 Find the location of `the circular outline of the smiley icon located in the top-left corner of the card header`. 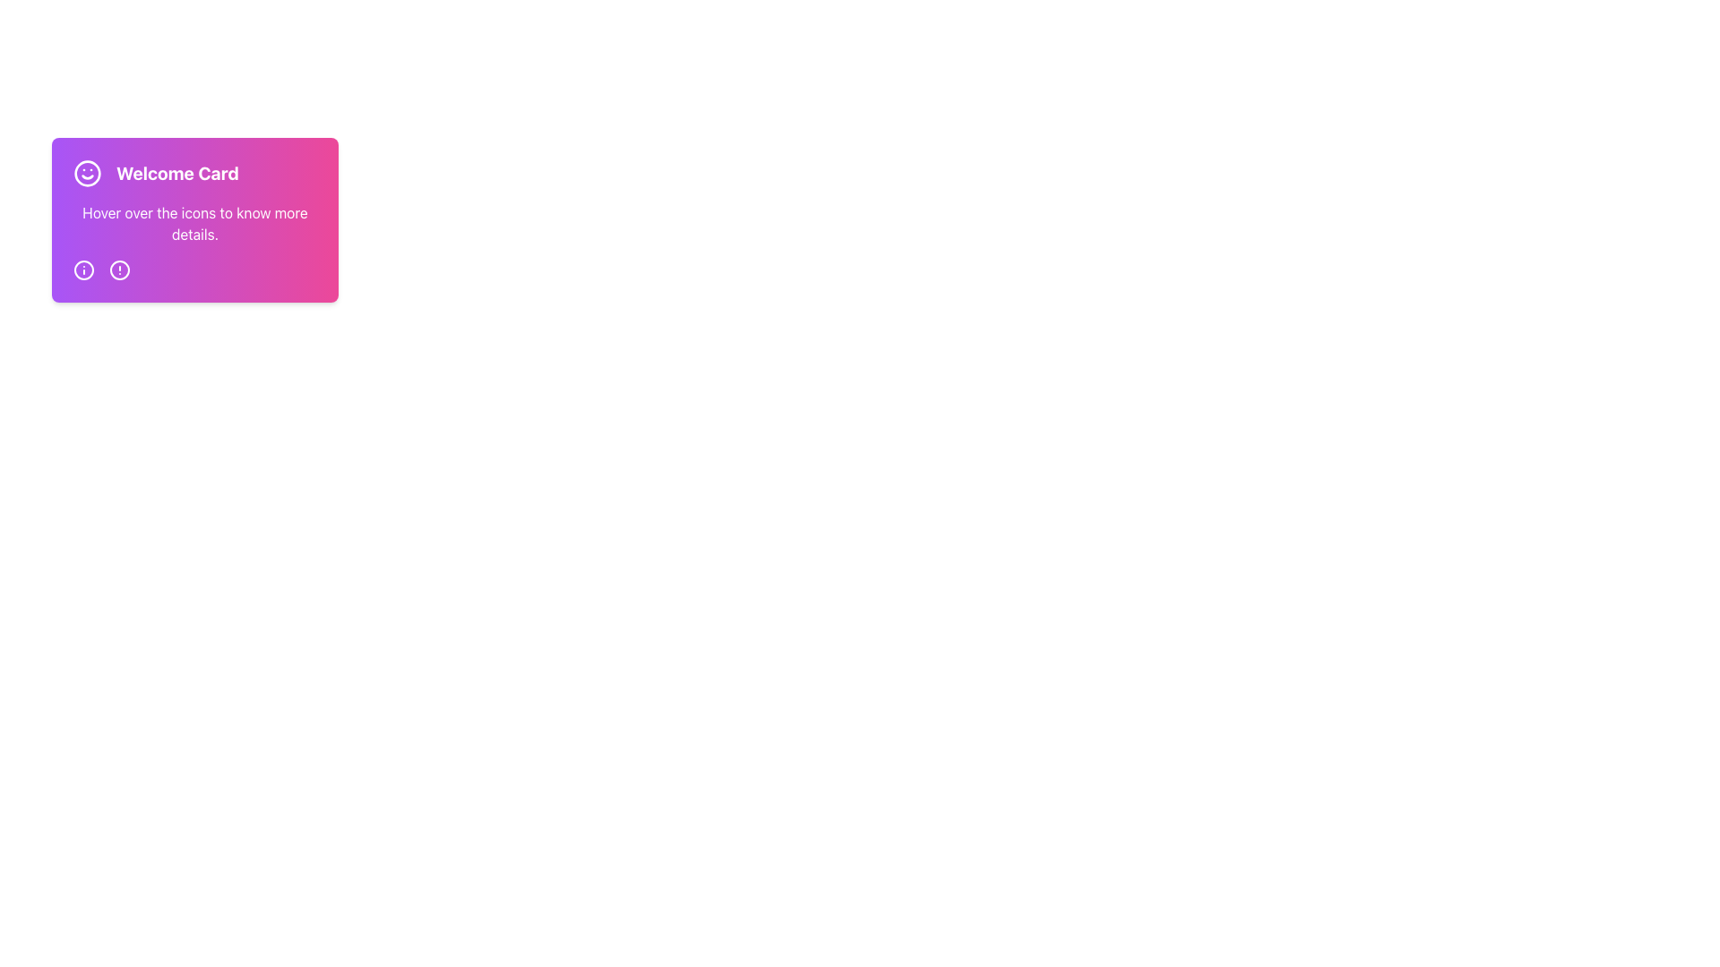

the circular outline of the smiley icon located in the top-left corner of the card header is located at coordinates (86, 173).